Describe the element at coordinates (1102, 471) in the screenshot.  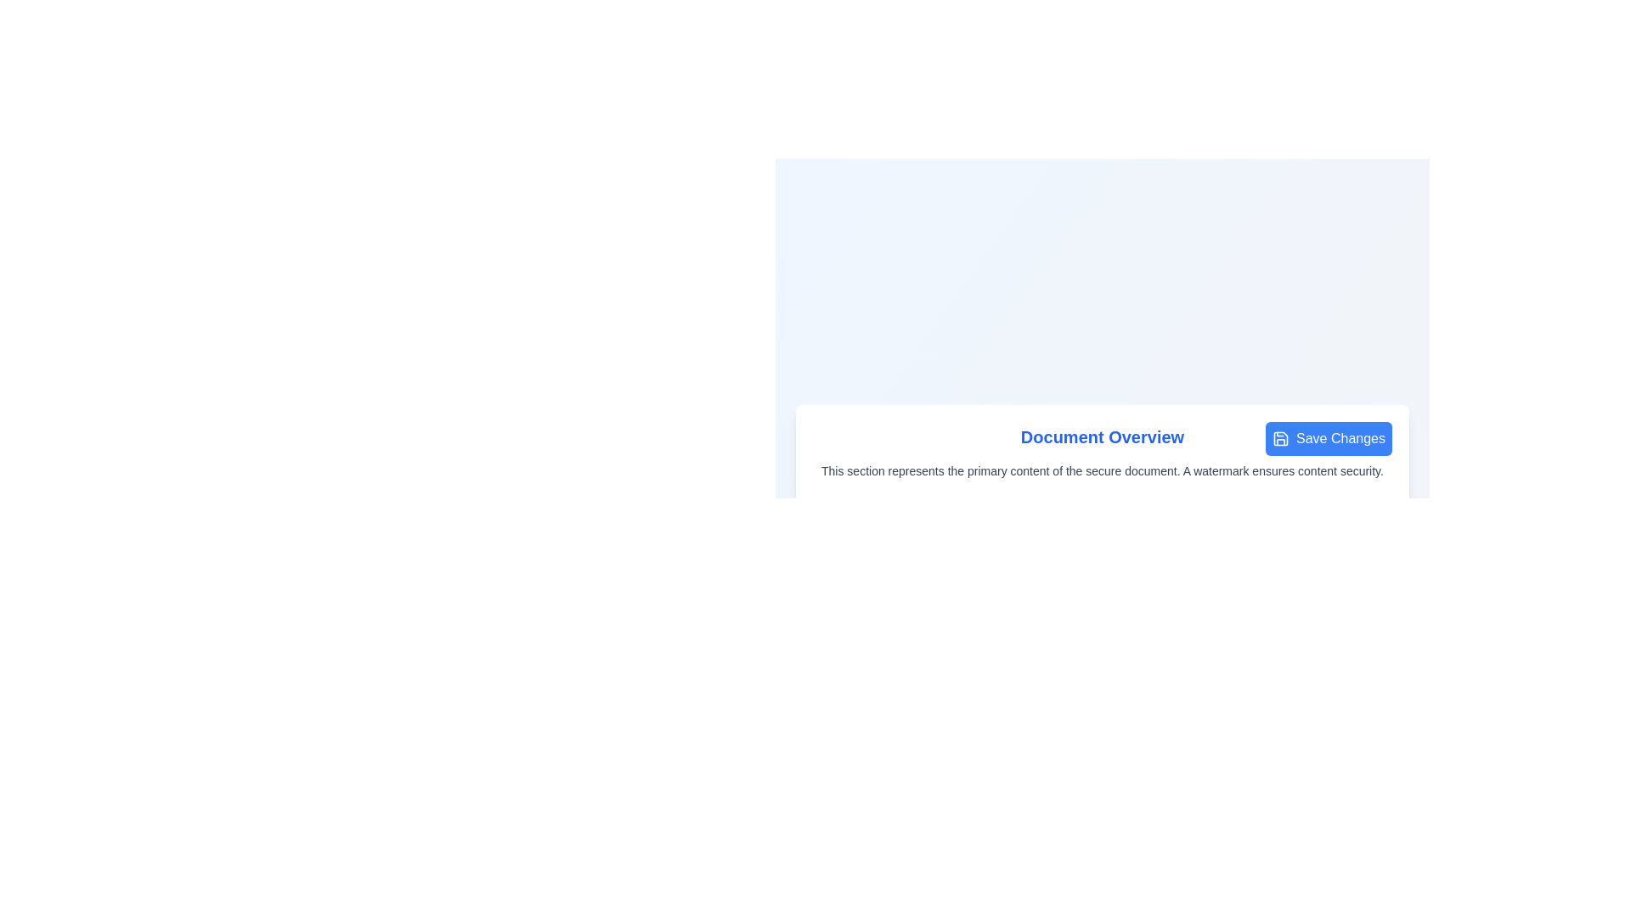
I see `descriptive text block about the secure document, which is centrally aligned at the bottom of the card layout beneath the 'Document Overview' title` at that location.